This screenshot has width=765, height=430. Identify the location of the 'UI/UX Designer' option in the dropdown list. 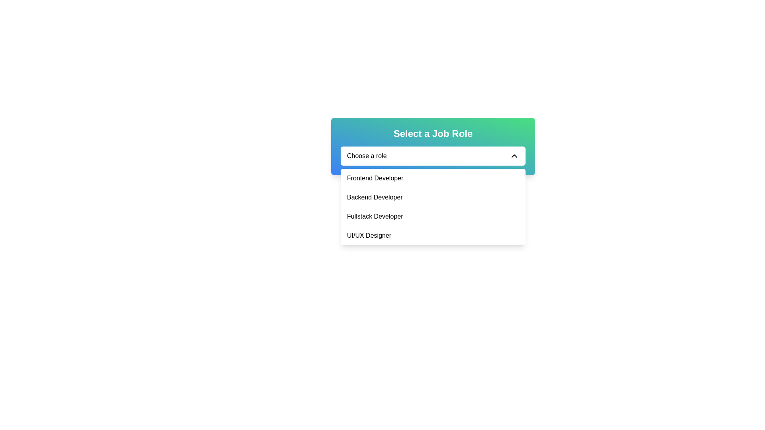
(432, 235).